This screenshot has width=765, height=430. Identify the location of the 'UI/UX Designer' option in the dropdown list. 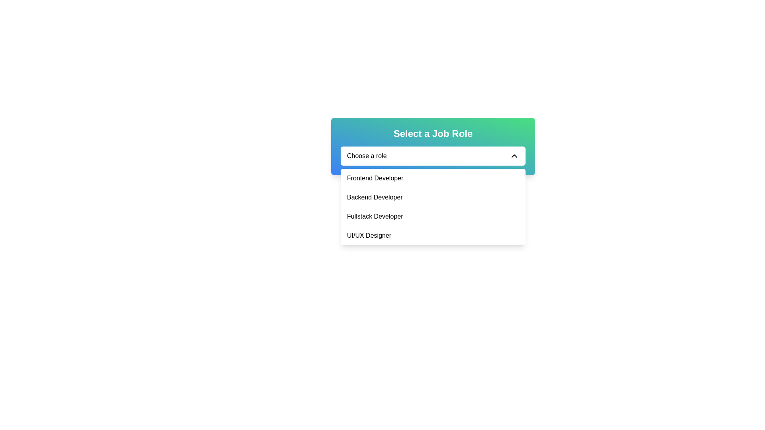
(432, 235).